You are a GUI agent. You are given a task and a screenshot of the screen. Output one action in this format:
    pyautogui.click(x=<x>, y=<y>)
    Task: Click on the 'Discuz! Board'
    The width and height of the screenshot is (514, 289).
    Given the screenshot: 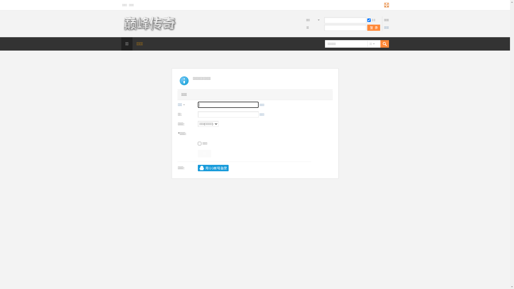 What is the action you would take?
    pyautogui.click(x=149, y=31)
    